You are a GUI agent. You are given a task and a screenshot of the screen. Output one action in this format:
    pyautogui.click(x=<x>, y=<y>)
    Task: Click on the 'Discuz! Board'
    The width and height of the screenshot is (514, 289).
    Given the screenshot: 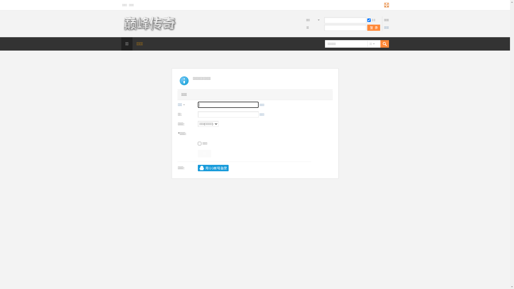 What is the action you would take?
    pyautogui.click(x=149, y=31)
    